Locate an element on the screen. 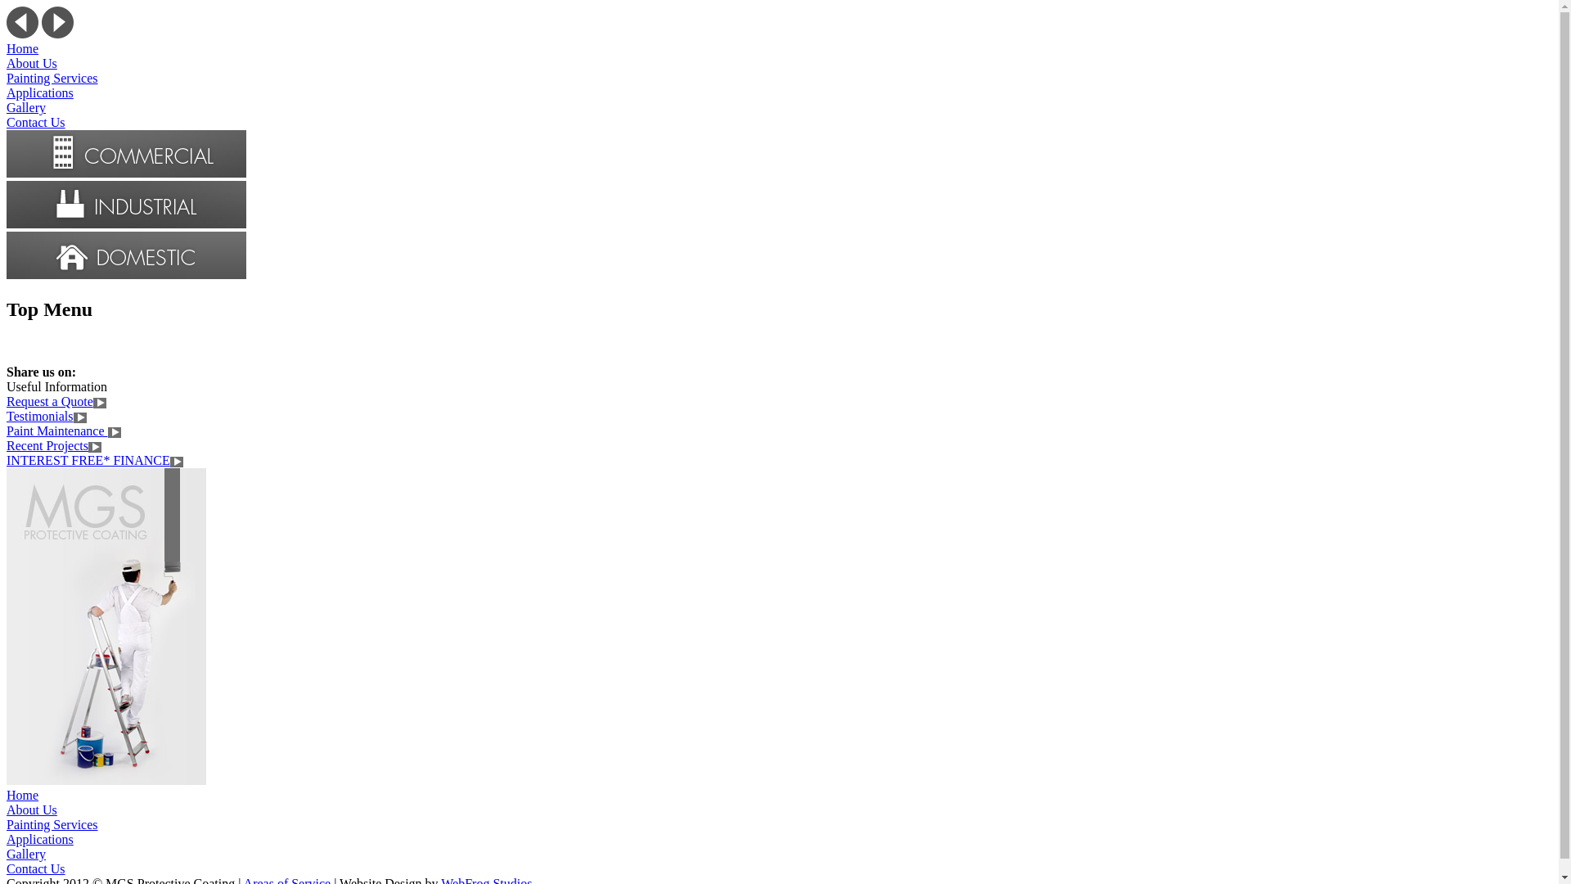  'Contact Us' is located at coordinates (7, 121).